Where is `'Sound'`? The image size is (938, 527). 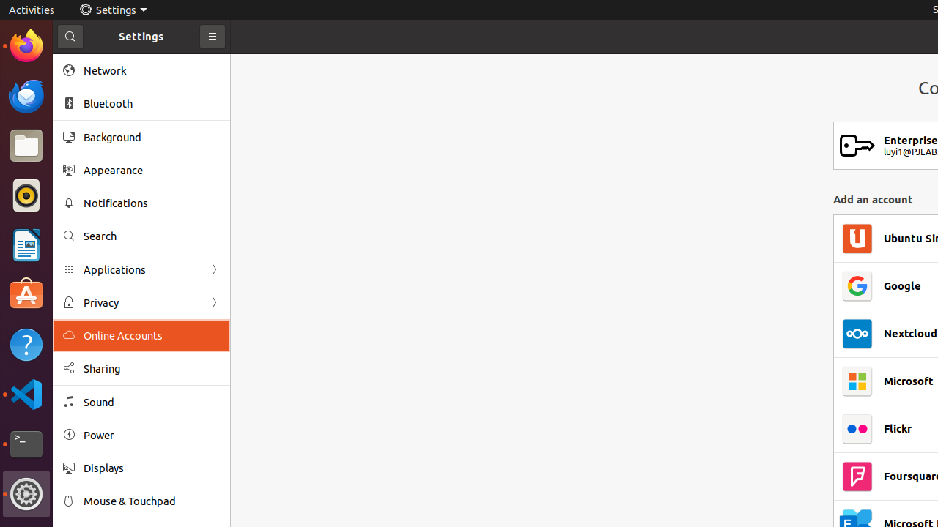 'Sound' is located at coordinates (151, 402).